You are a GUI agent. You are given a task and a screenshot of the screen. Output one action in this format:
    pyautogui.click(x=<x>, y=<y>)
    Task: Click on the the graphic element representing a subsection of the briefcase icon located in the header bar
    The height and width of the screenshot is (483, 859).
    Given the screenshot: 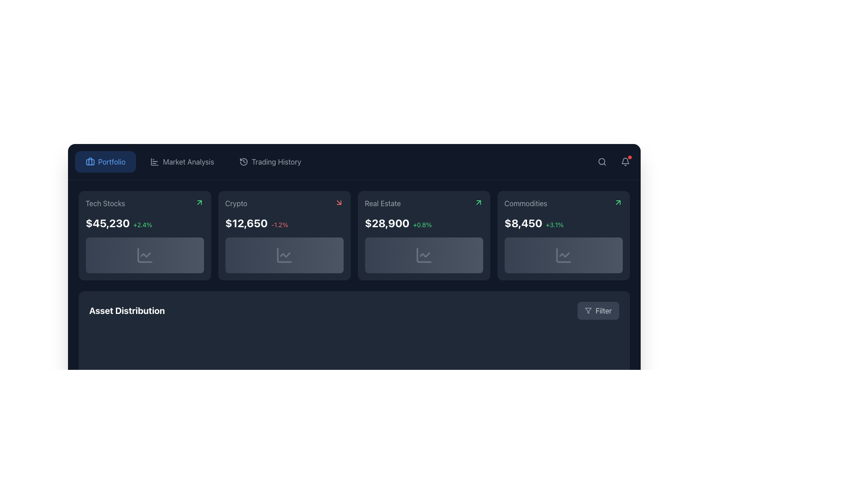 What is the action you would take?
    pyautogui.click(x=90, y=162)
    